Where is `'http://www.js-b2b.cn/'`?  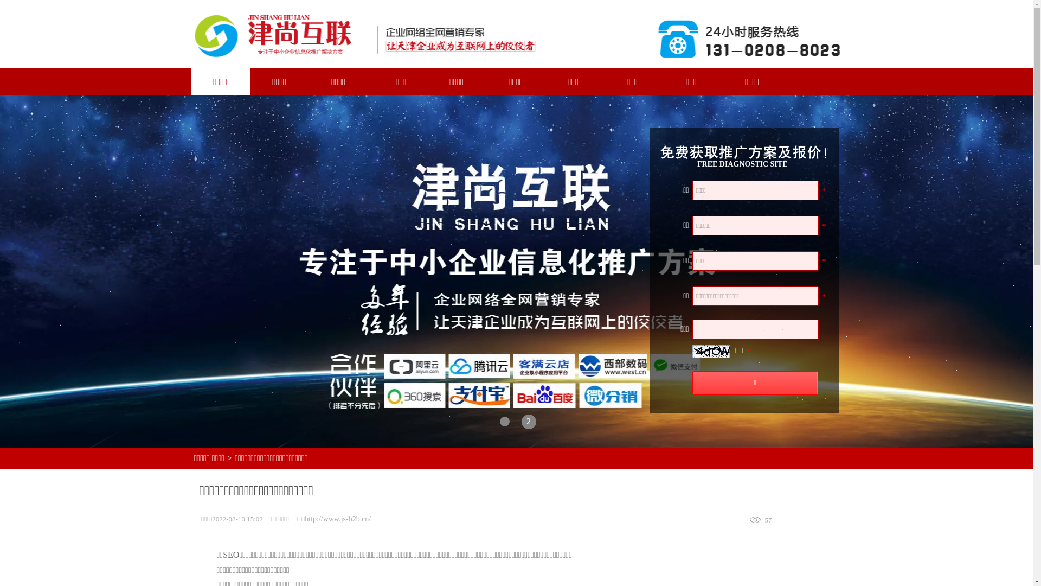
'http://www.js-b2b.cn/' is located at coordinates (304, 518).